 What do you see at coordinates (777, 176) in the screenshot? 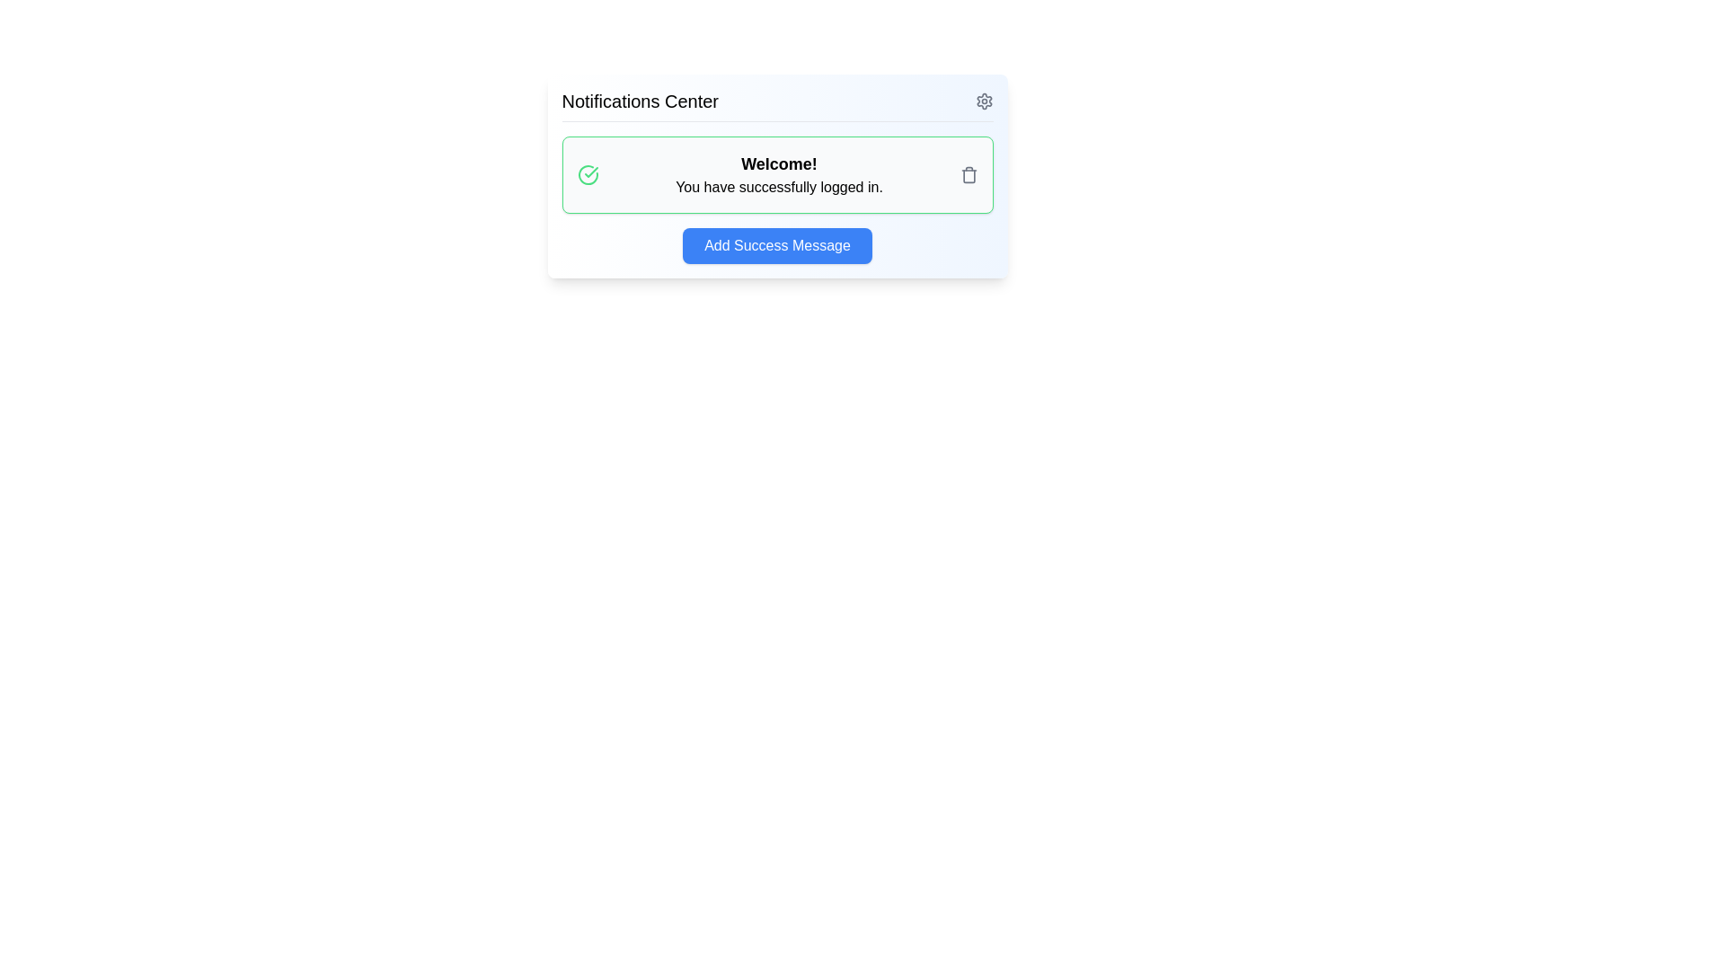
I see `notification message displayed in the Notification Card, which is centrally located below the 'Notifications Center' header and above the 'Add Success Message' button` at bounding box center [777, 176].